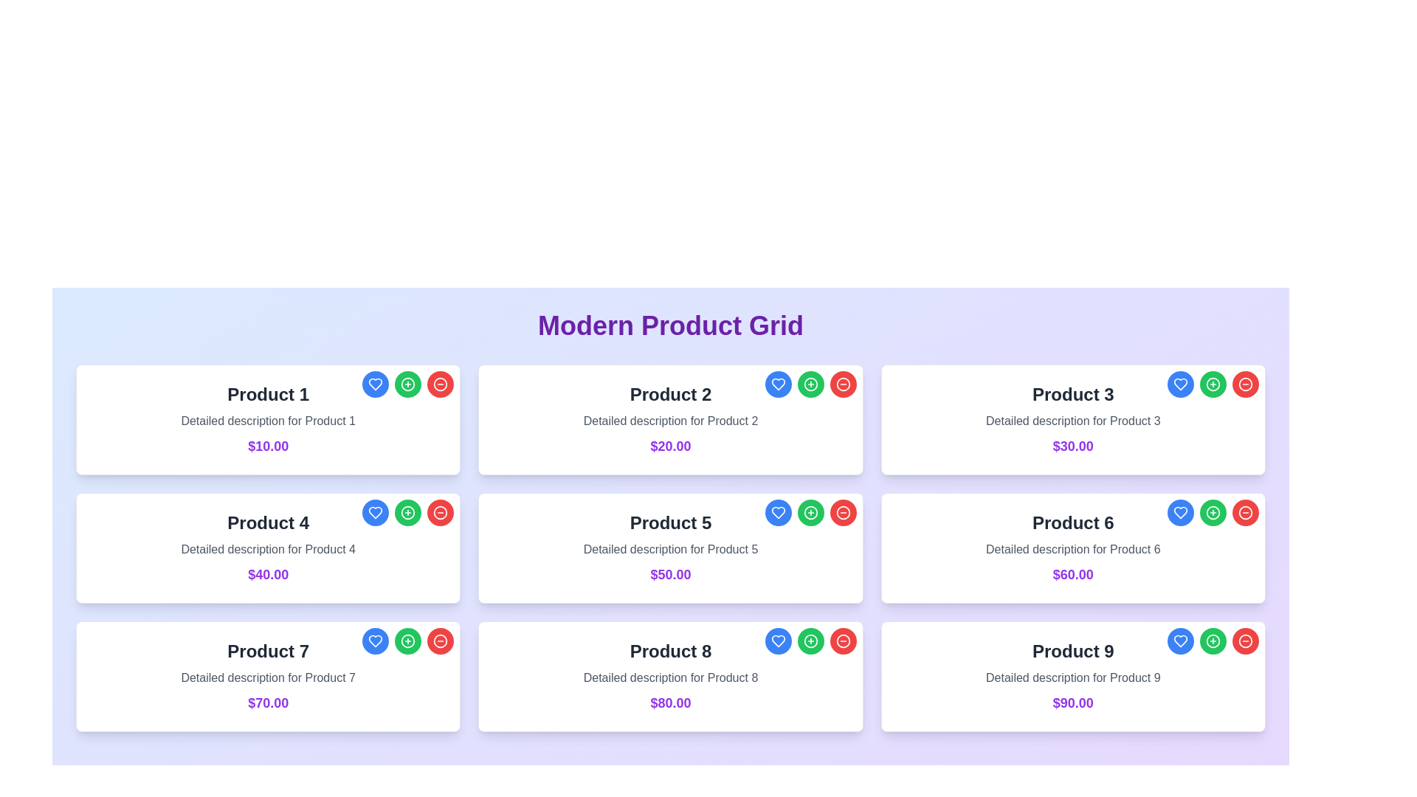 This screenshot has width=1417, height=797. Describe the element at coordinates (669, 394) in the screenshot. I see `the text label that identifies the second product in the grid` at that location.